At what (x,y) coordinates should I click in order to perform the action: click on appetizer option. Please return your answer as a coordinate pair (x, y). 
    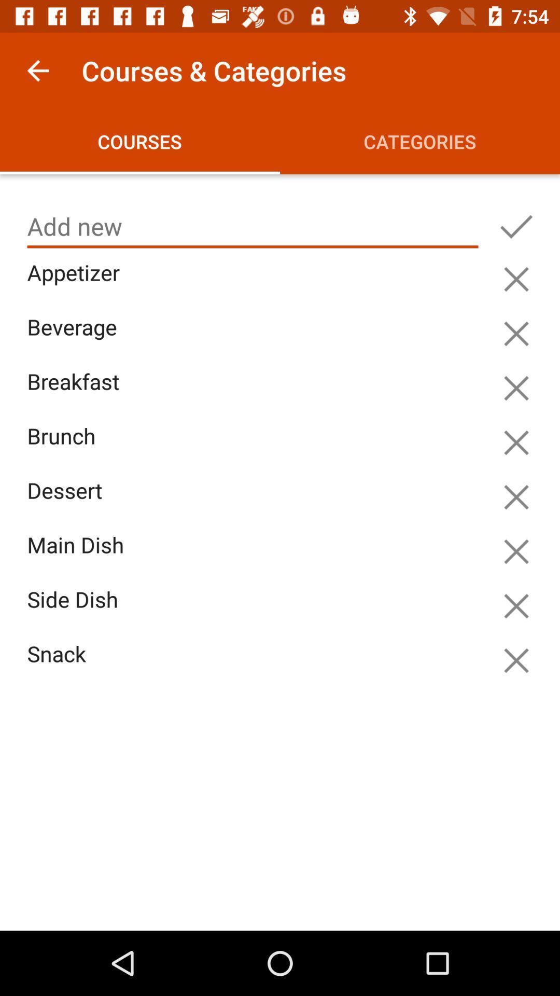
    Looking at the image, I should click on (516, 279).